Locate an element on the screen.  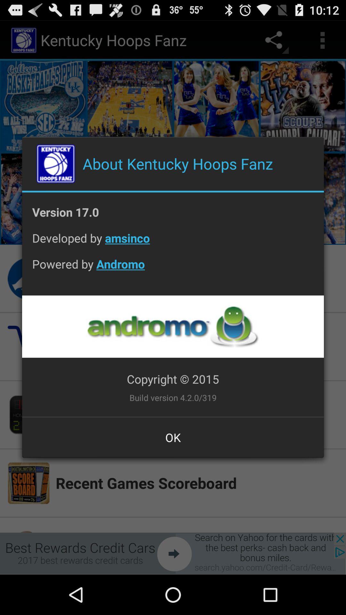
the app below the version 17.0 icon is located at coordinates (173, 242).